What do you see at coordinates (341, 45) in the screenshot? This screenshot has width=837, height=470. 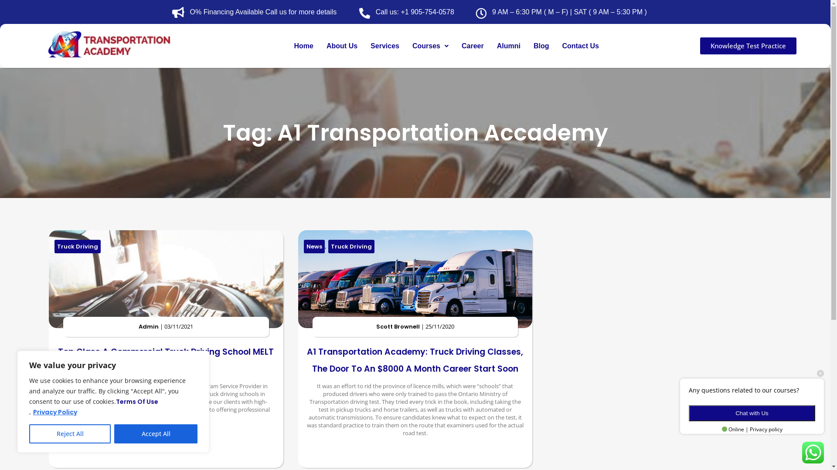 I see `'About Us'` at bounding box center [341, 45].